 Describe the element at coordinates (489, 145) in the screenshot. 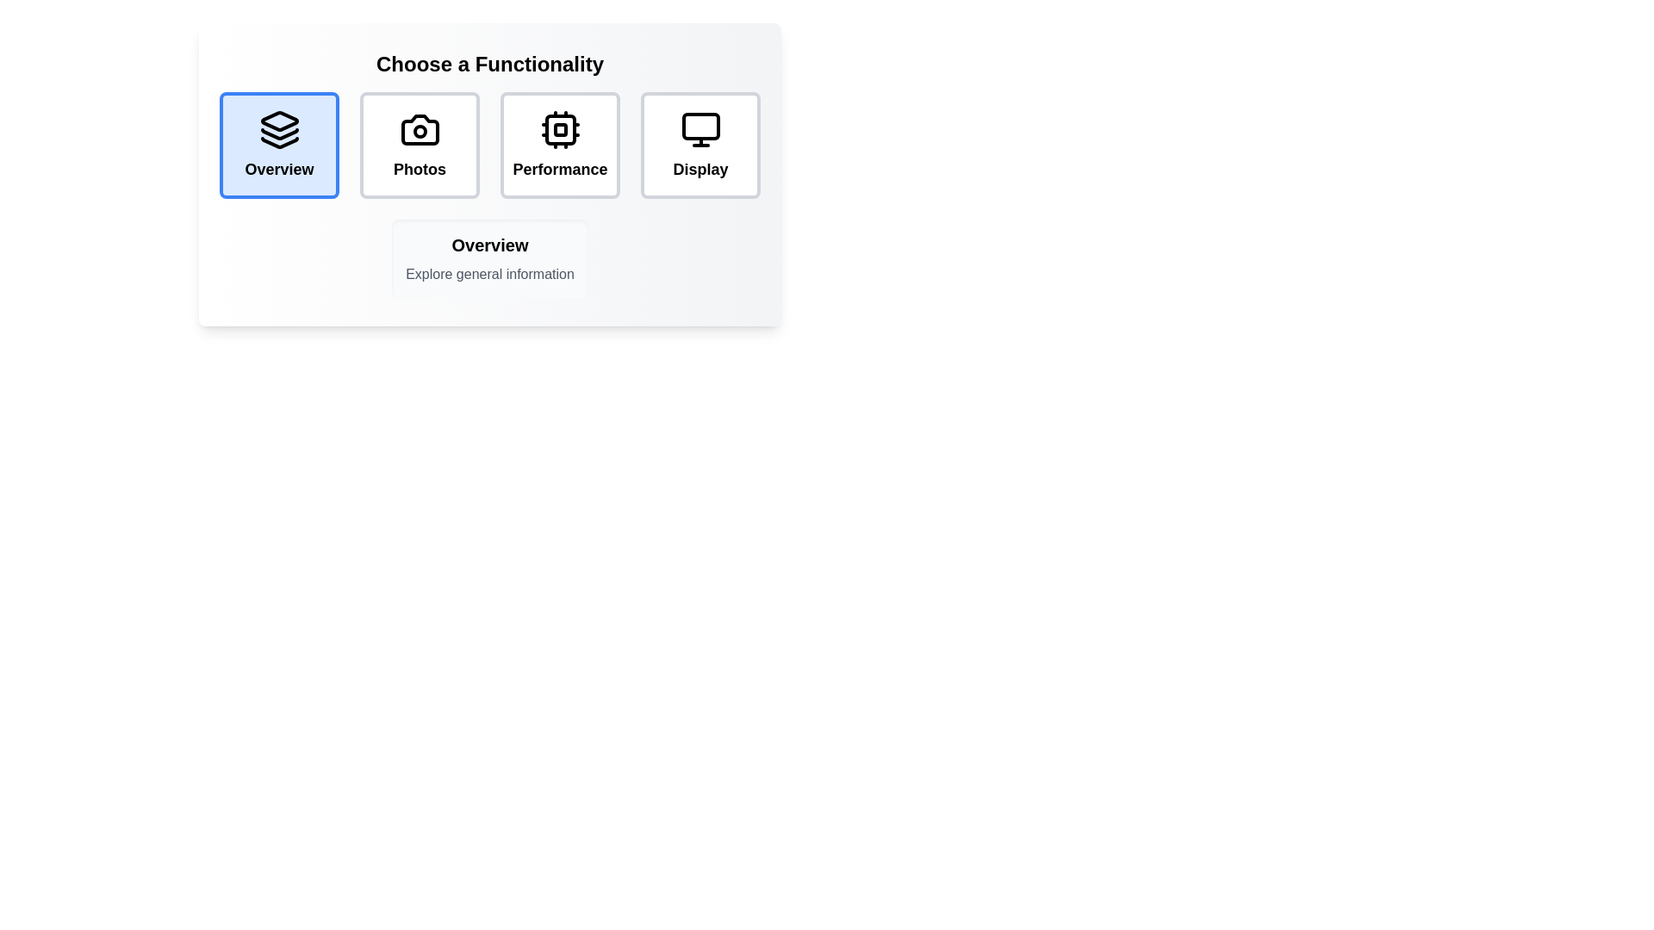

I see `the 'Performance' button` at that location.